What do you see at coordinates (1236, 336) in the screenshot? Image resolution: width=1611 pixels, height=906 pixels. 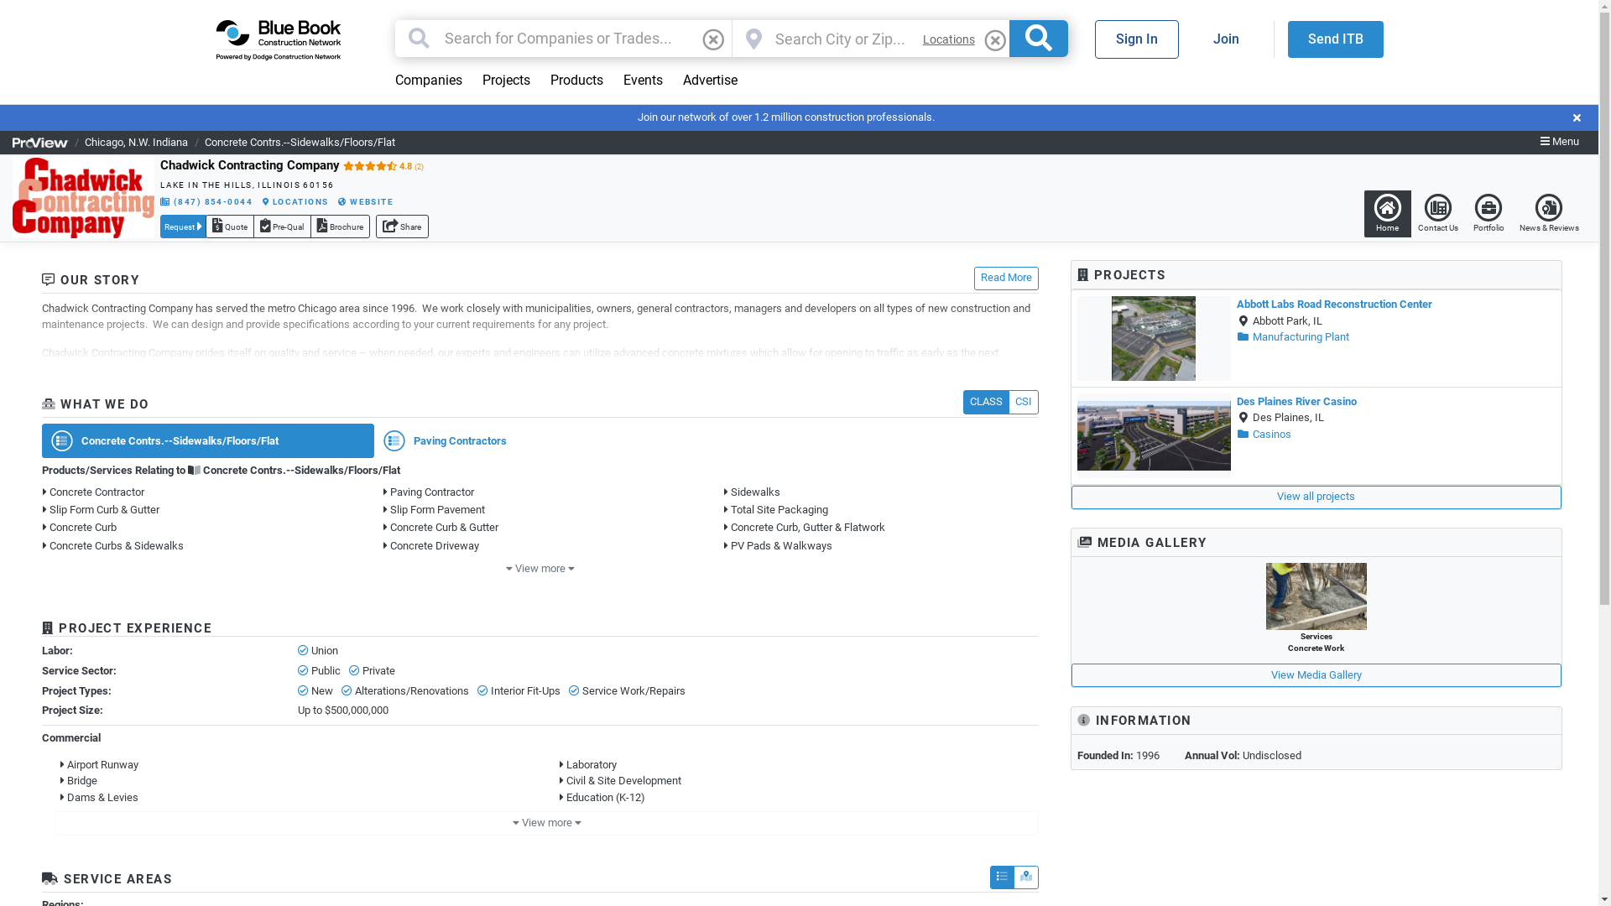 I see `'Manufacturing Plant'` at bounding box center [1236, 336].